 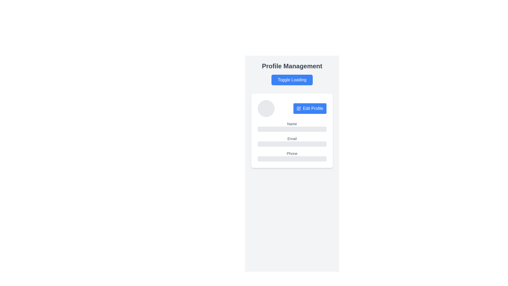 What do you see at coordinates (292, 124) in the screenshot?
I see `the static text labeled 'Name' which is styled in gray and appears above an input-like placeholder bar` at bounding box center [292, 124].